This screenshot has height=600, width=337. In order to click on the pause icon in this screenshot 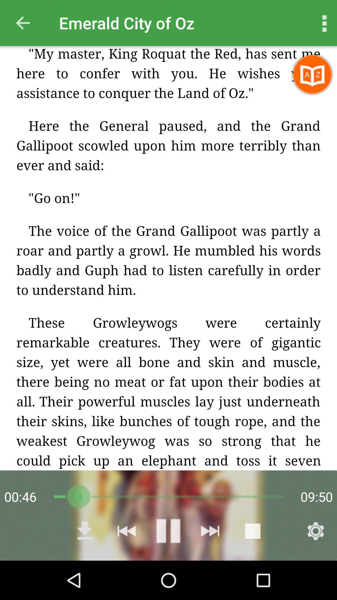, I will do `click(168, 531)`.